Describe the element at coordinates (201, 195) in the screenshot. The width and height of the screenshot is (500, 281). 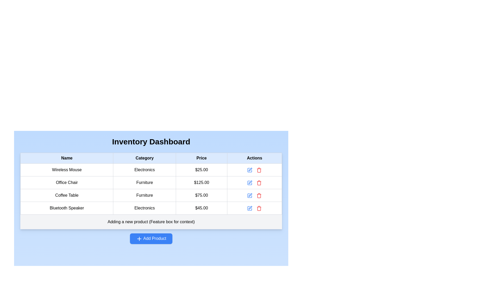
I see `the Text Display element that shows the price '$75.00' in the third row of the Inventory Dashboard table, specifically in the 'Price' column aligned with the 'Coffee Table' entry` at that location.